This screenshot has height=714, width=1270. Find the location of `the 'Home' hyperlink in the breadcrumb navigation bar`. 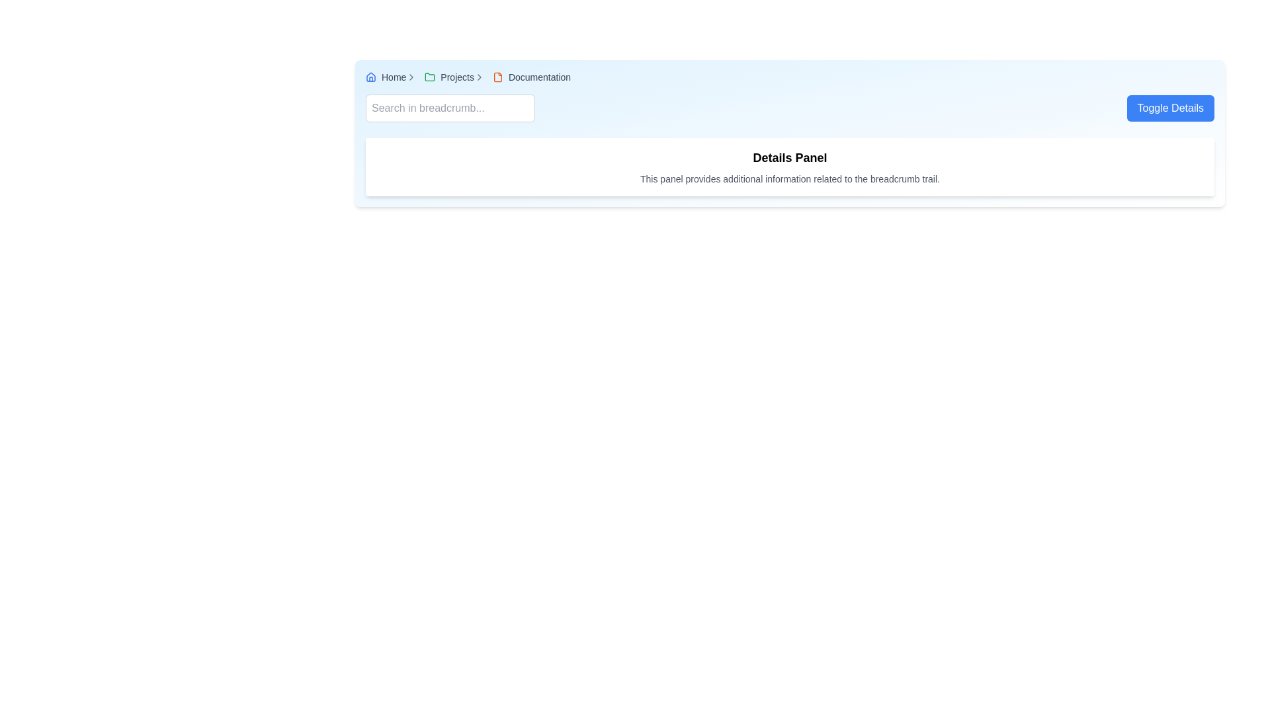

the 'Home' hyperlink in the breadcrumb navigation bar is located at coordinates (385, 77).